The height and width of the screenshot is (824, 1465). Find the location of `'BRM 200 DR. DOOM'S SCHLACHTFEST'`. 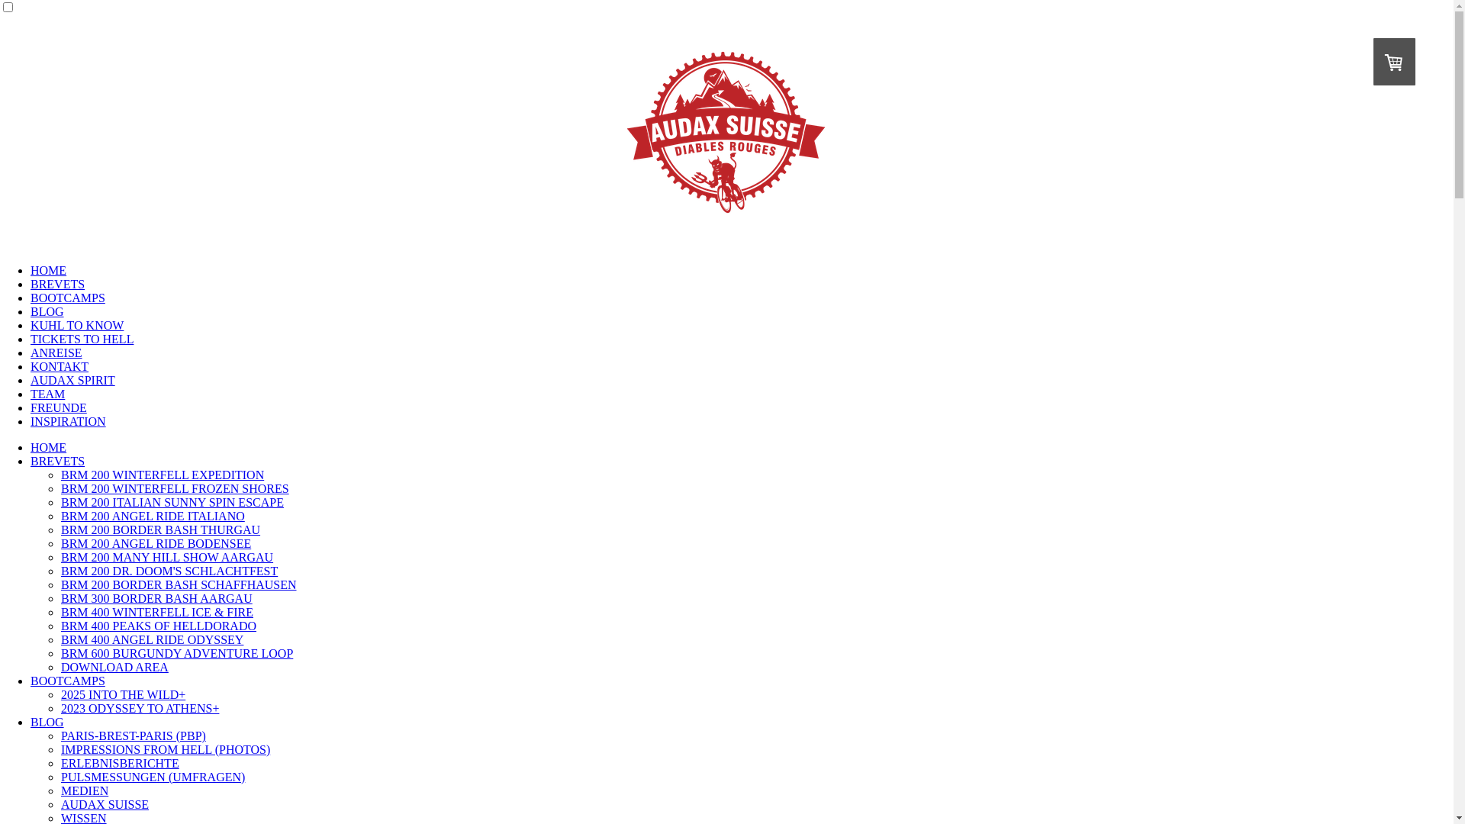

'BRM 200 DR. DOOM'S SCHLACHTFEST' is located at coordinates (169, 571).